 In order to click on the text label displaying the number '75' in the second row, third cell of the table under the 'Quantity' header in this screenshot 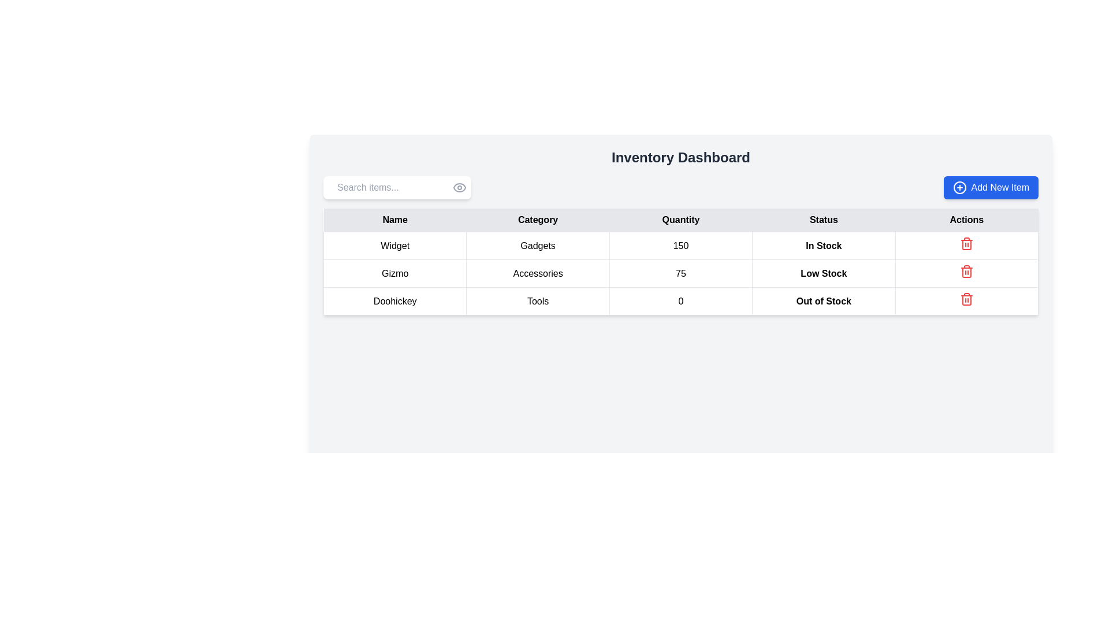, I will do `click(681, 273)`.